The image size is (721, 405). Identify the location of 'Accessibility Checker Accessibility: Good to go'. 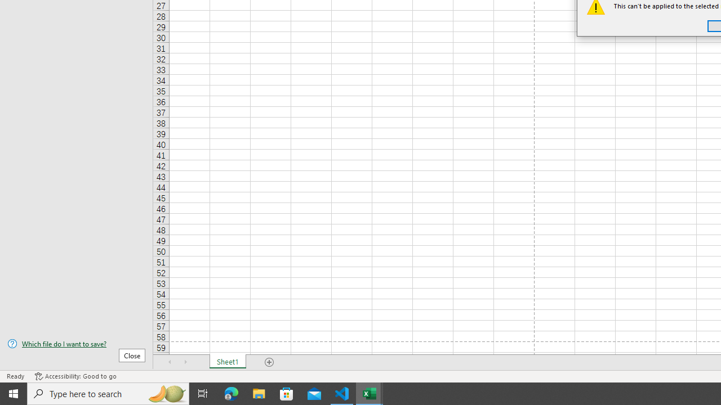
(75, 376).